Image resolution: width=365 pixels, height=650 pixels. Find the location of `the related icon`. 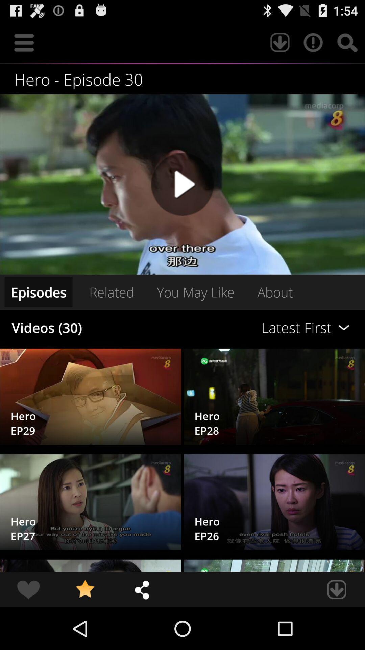

the related icon is located at coordinates (111, 292).